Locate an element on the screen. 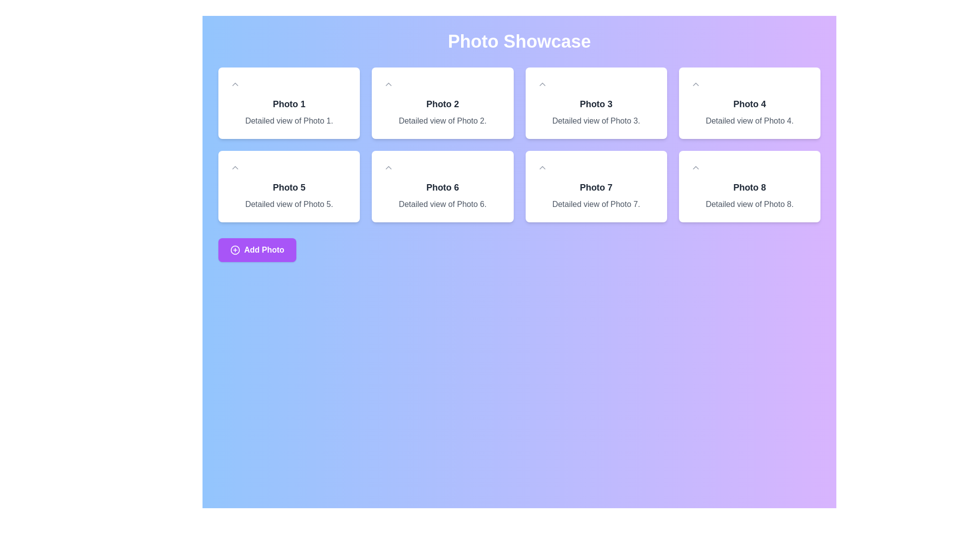 Image resolution: width=953 pixels, height=536 pixels. the text label that serves as the title or header for its respective card, located in the second row and first column of the grid layout, positioned above the text 'Detailed view of Photo 5.' is located at coordinates (288, 188).